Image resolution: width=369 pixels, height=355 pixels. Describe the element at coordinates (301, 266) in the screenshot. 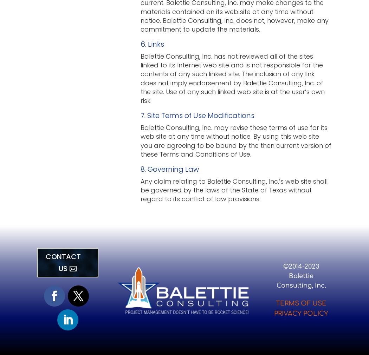

I see `'©2014-2023'` at that location.